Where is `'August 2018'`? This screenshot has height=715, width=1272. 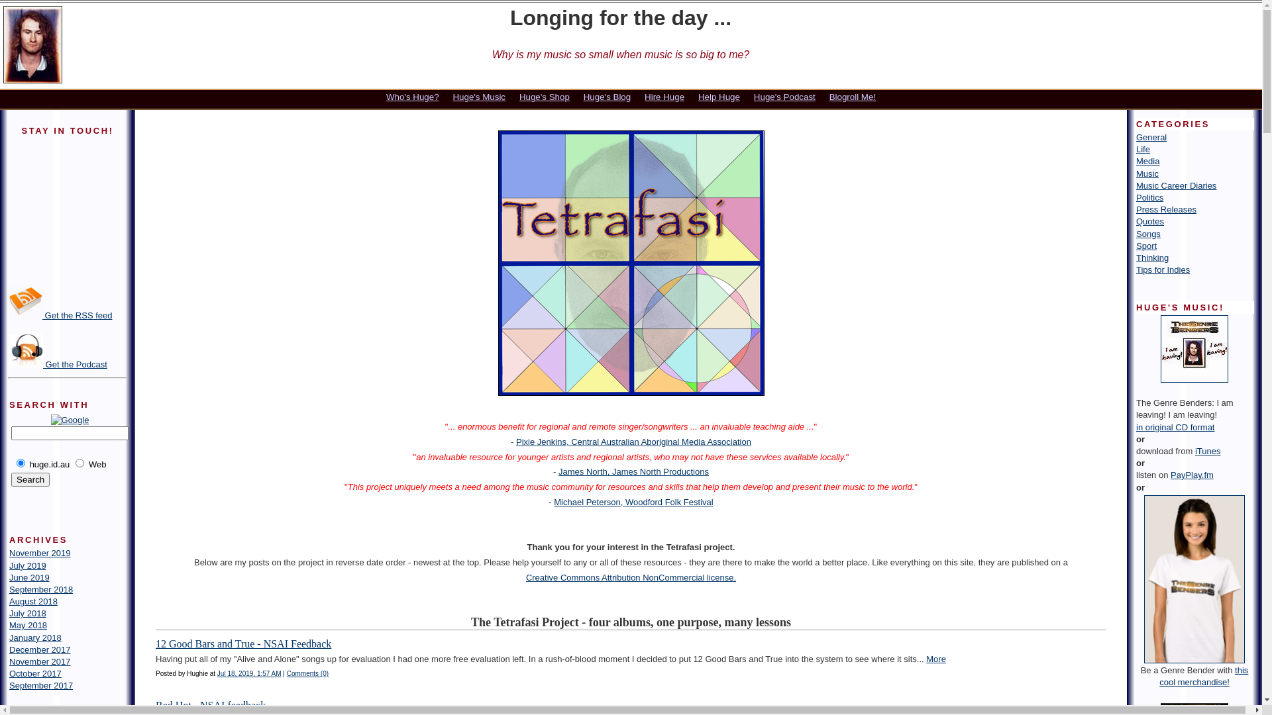
'August 2018' is located at coordinates (33, 601).